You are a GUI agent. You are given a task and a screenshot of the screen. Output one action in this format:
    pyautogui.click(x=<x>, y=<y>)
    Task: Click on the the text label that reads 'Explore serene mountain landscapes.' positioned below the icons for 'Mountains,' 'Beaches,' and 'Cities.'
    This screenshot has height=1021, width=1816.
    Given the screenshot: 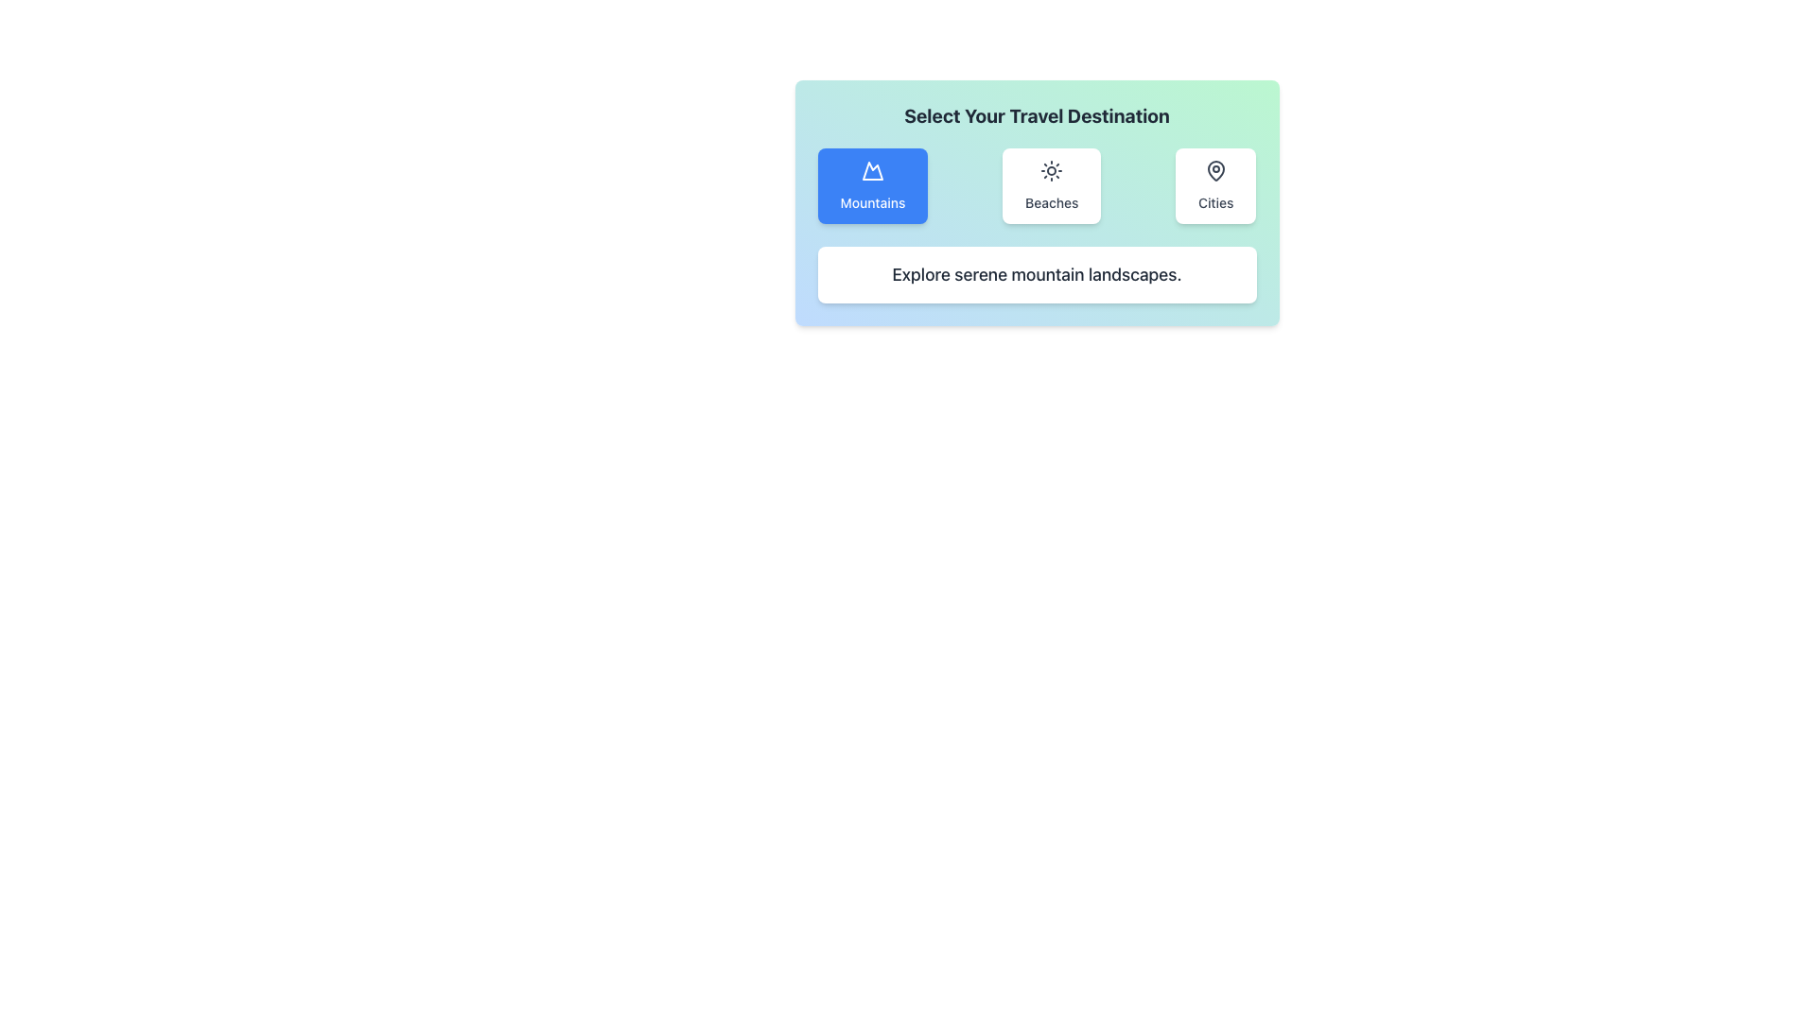 What is the action you would take?
    pyautogui.click(x=1036, y=274)
    